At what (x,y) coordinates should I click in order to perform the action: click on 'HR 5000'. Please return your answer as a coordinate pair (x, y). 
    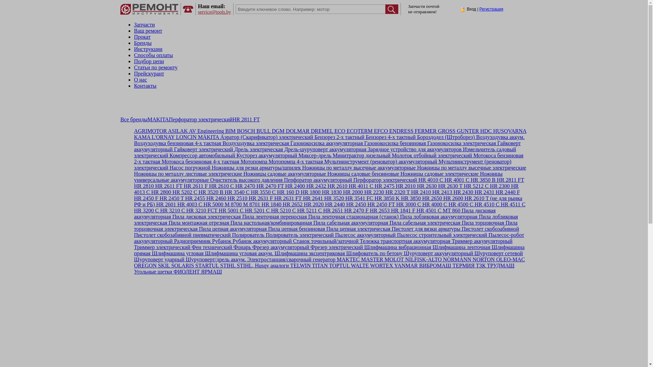
    Looking at the image, I should click on (212, 204).